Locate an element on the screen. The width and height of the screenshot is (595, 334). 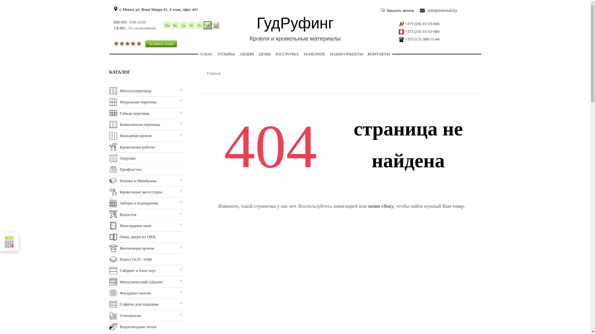
'+375 (33) 33-33-046' is located at coordinates (422, 31).